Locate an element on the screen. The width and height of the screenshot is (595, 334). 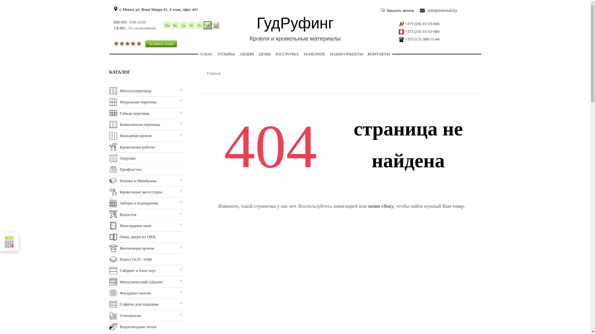
'+375 (33) 33-33-046' is located at coordinates (422, 31).